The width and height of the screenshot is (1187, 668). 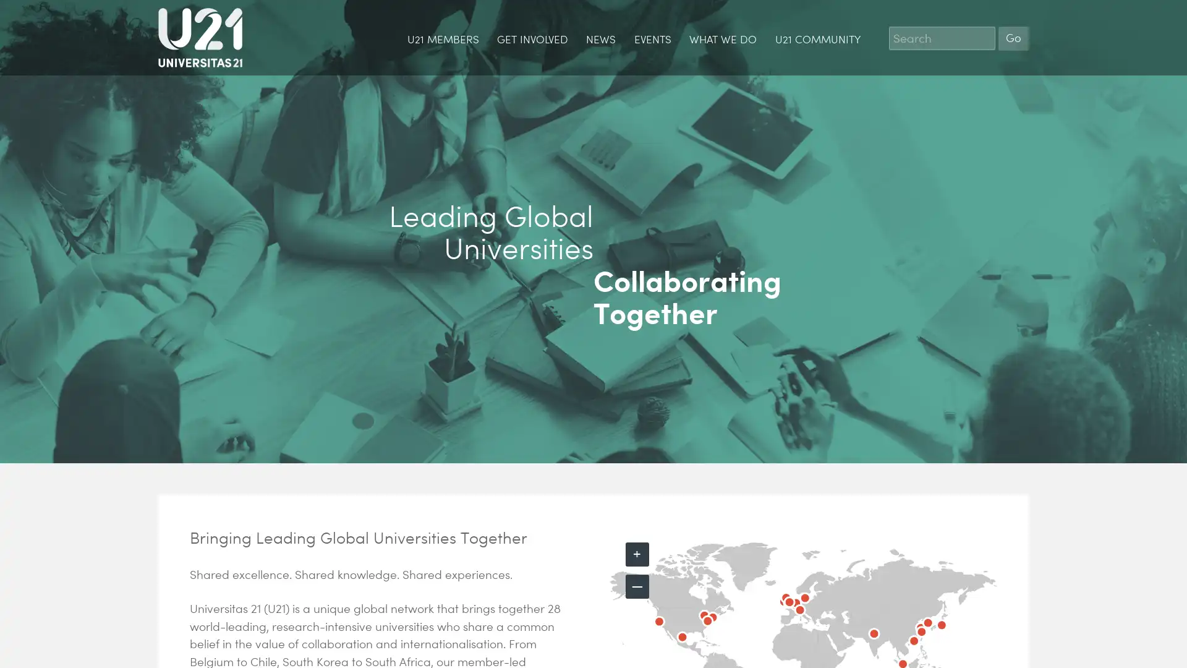 I want to click on Go, so click(x=1013, y=37).